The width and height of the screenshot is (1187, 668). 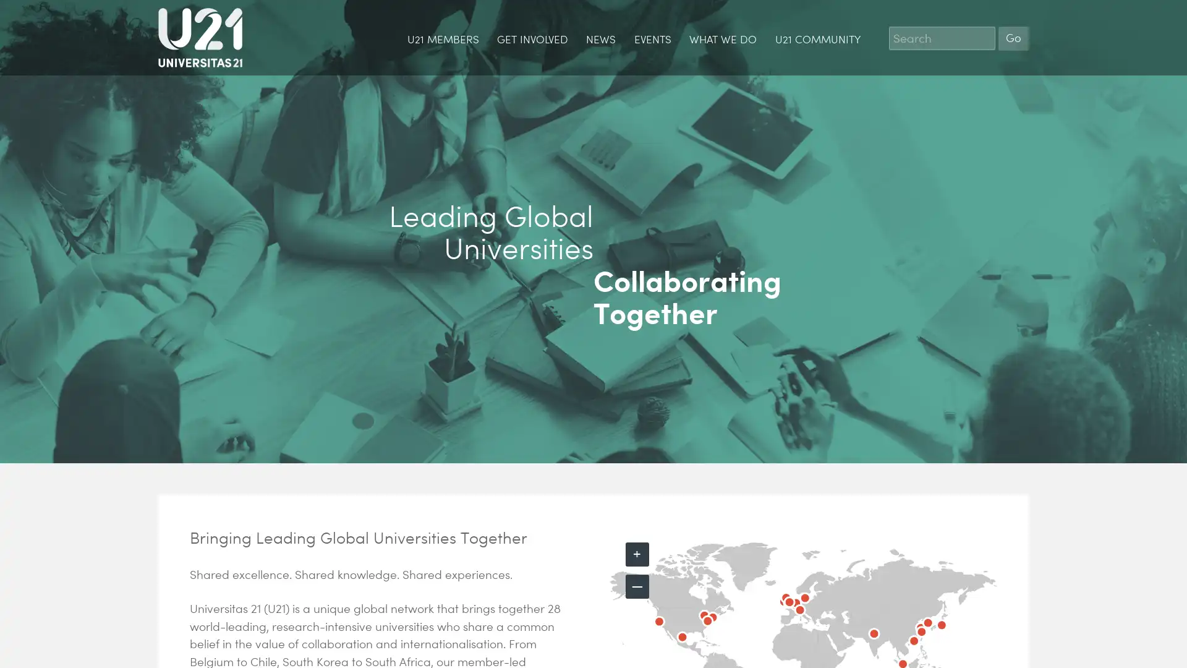 I want to click on Go, so click(x=1013, y=37).